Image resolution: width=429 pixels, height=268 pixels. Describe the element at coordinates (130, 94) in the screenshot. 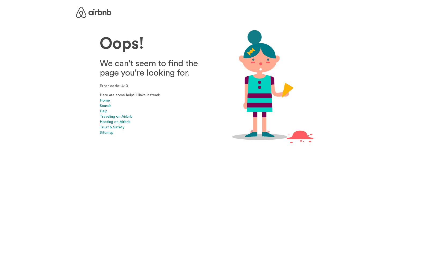

I see `'Here are some helpful links instead:'` at that location.